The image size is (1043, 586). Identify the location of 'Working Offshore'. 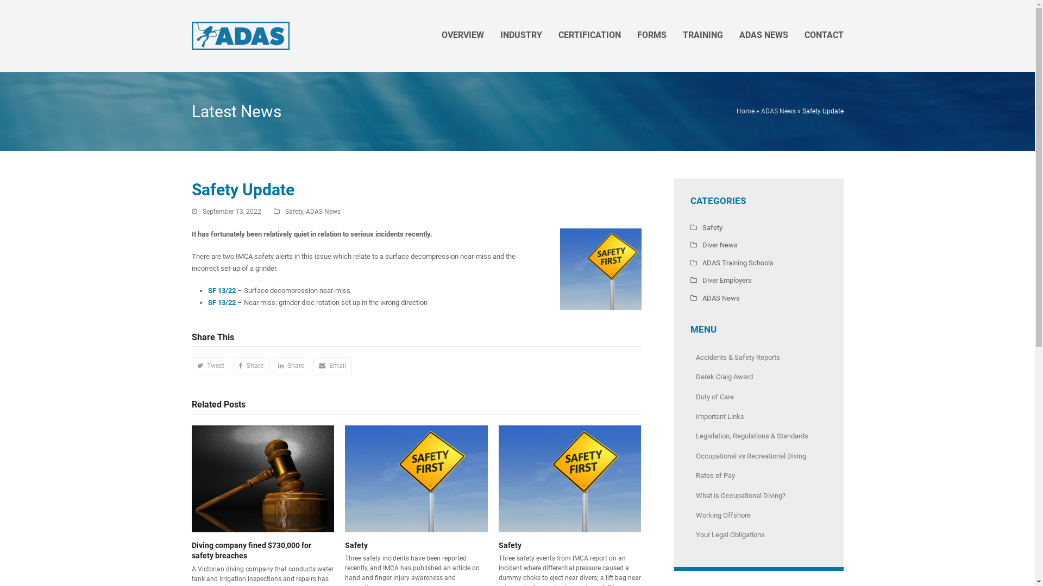
(758, 514).